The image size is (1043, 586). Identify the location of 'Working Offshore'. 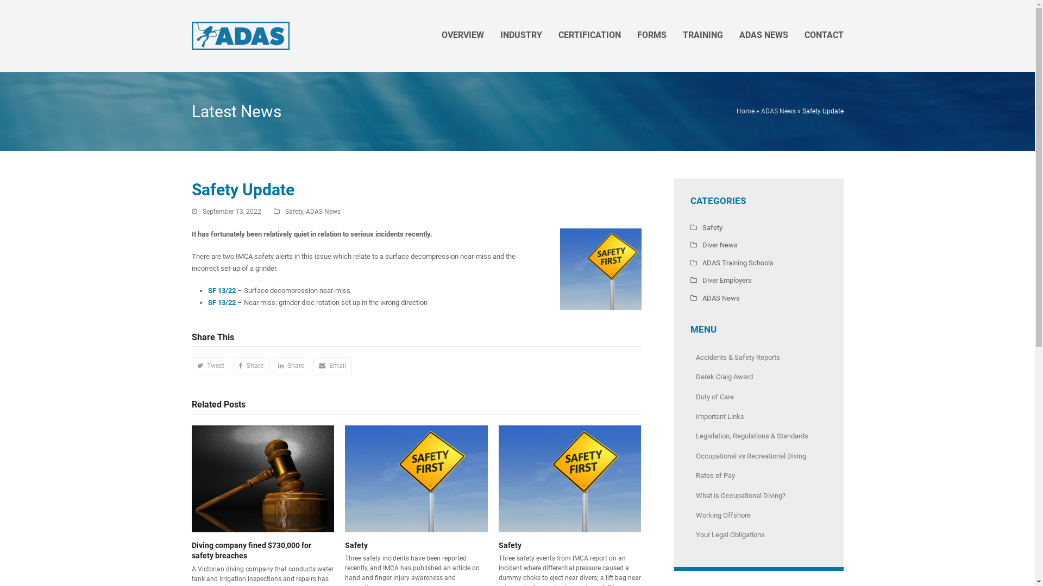
(758, 514).